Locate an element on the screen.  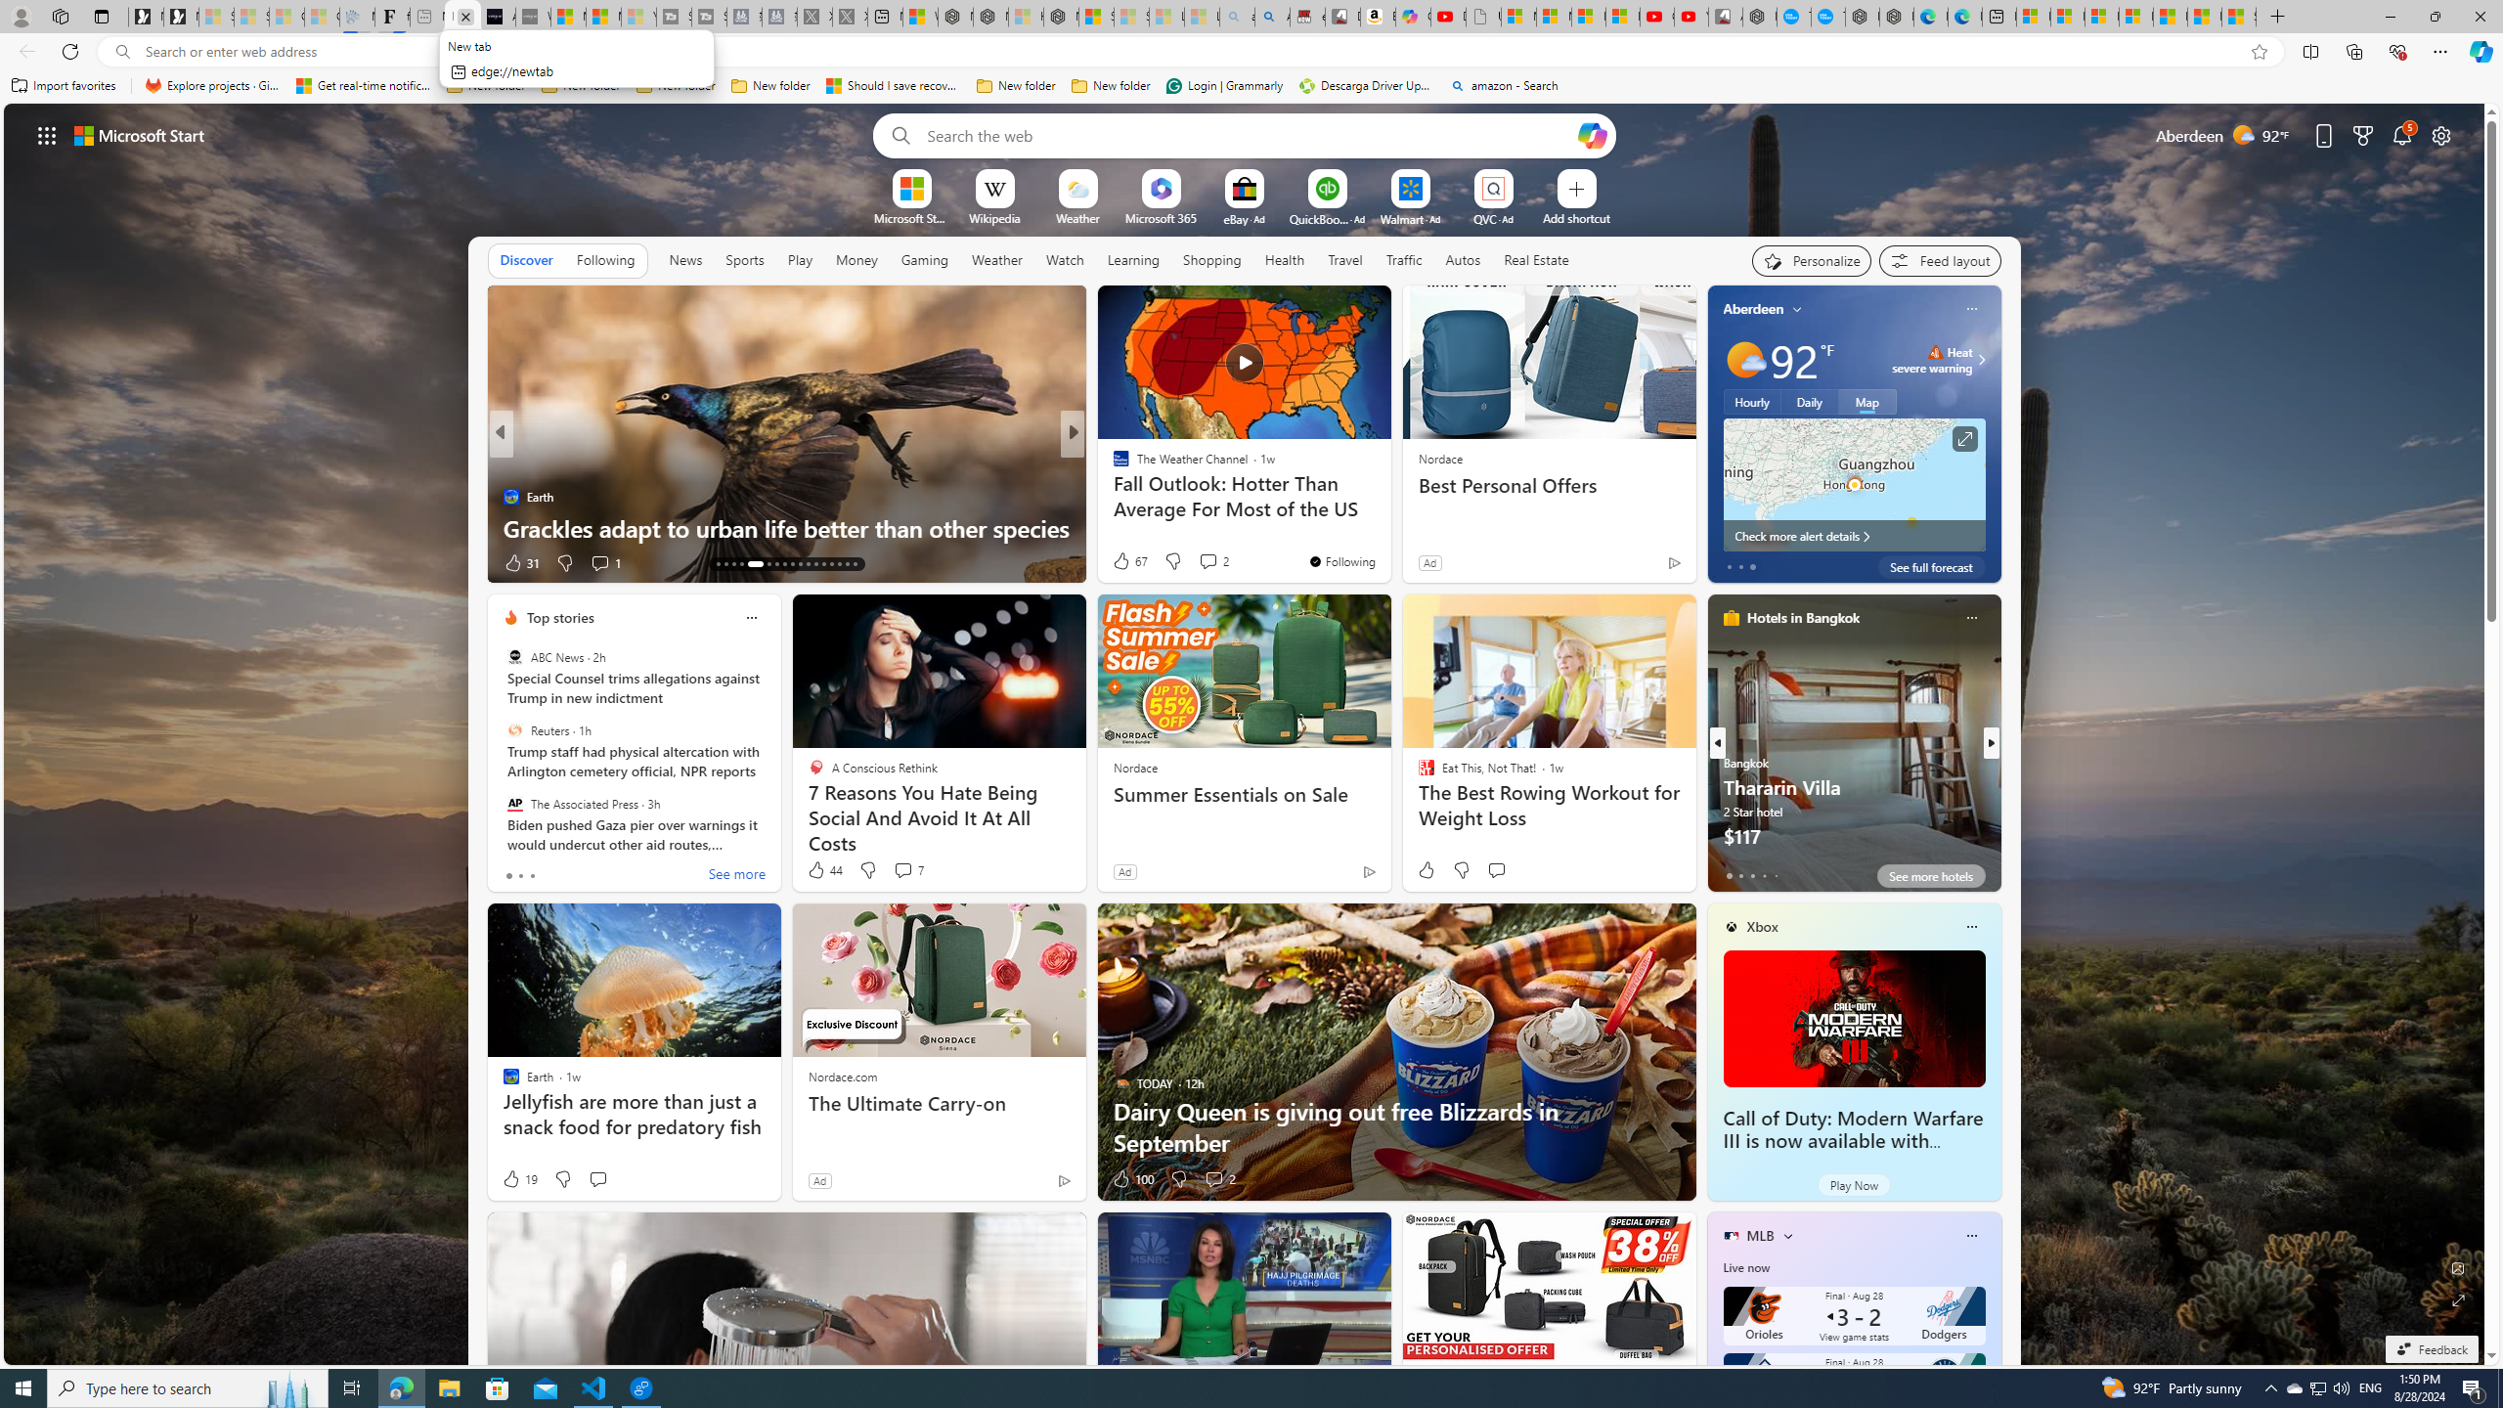
'Top stories' is located at coordinates (559, 617).